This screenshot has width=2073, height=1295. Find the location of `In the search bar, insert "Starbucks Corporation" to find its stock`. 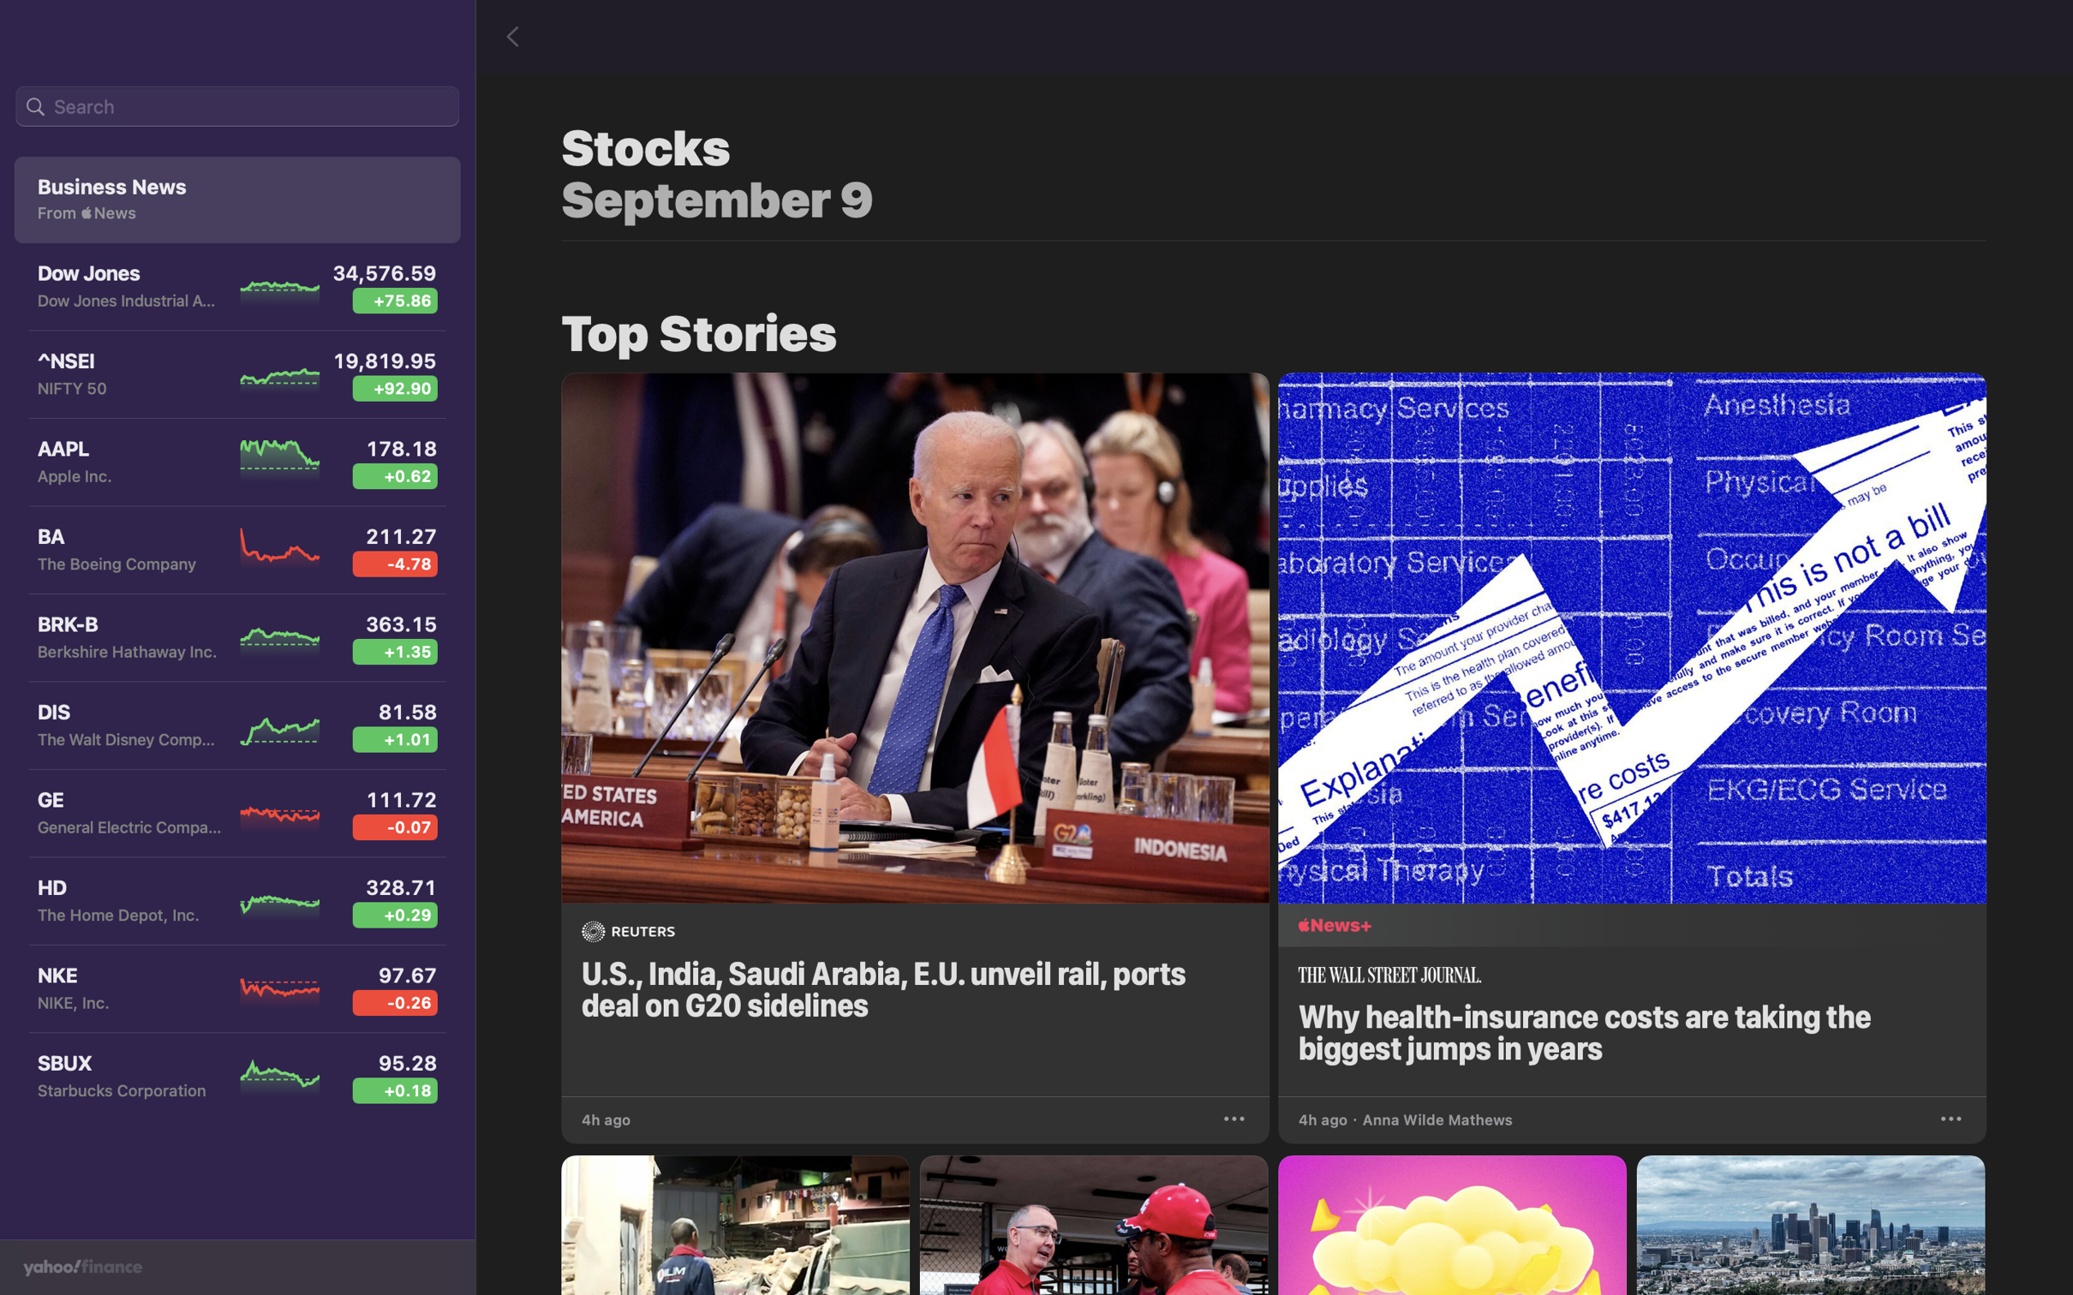

In the search bar, insert "Starbucks Corporation" to find its stock is located at coordinates (236, 107).